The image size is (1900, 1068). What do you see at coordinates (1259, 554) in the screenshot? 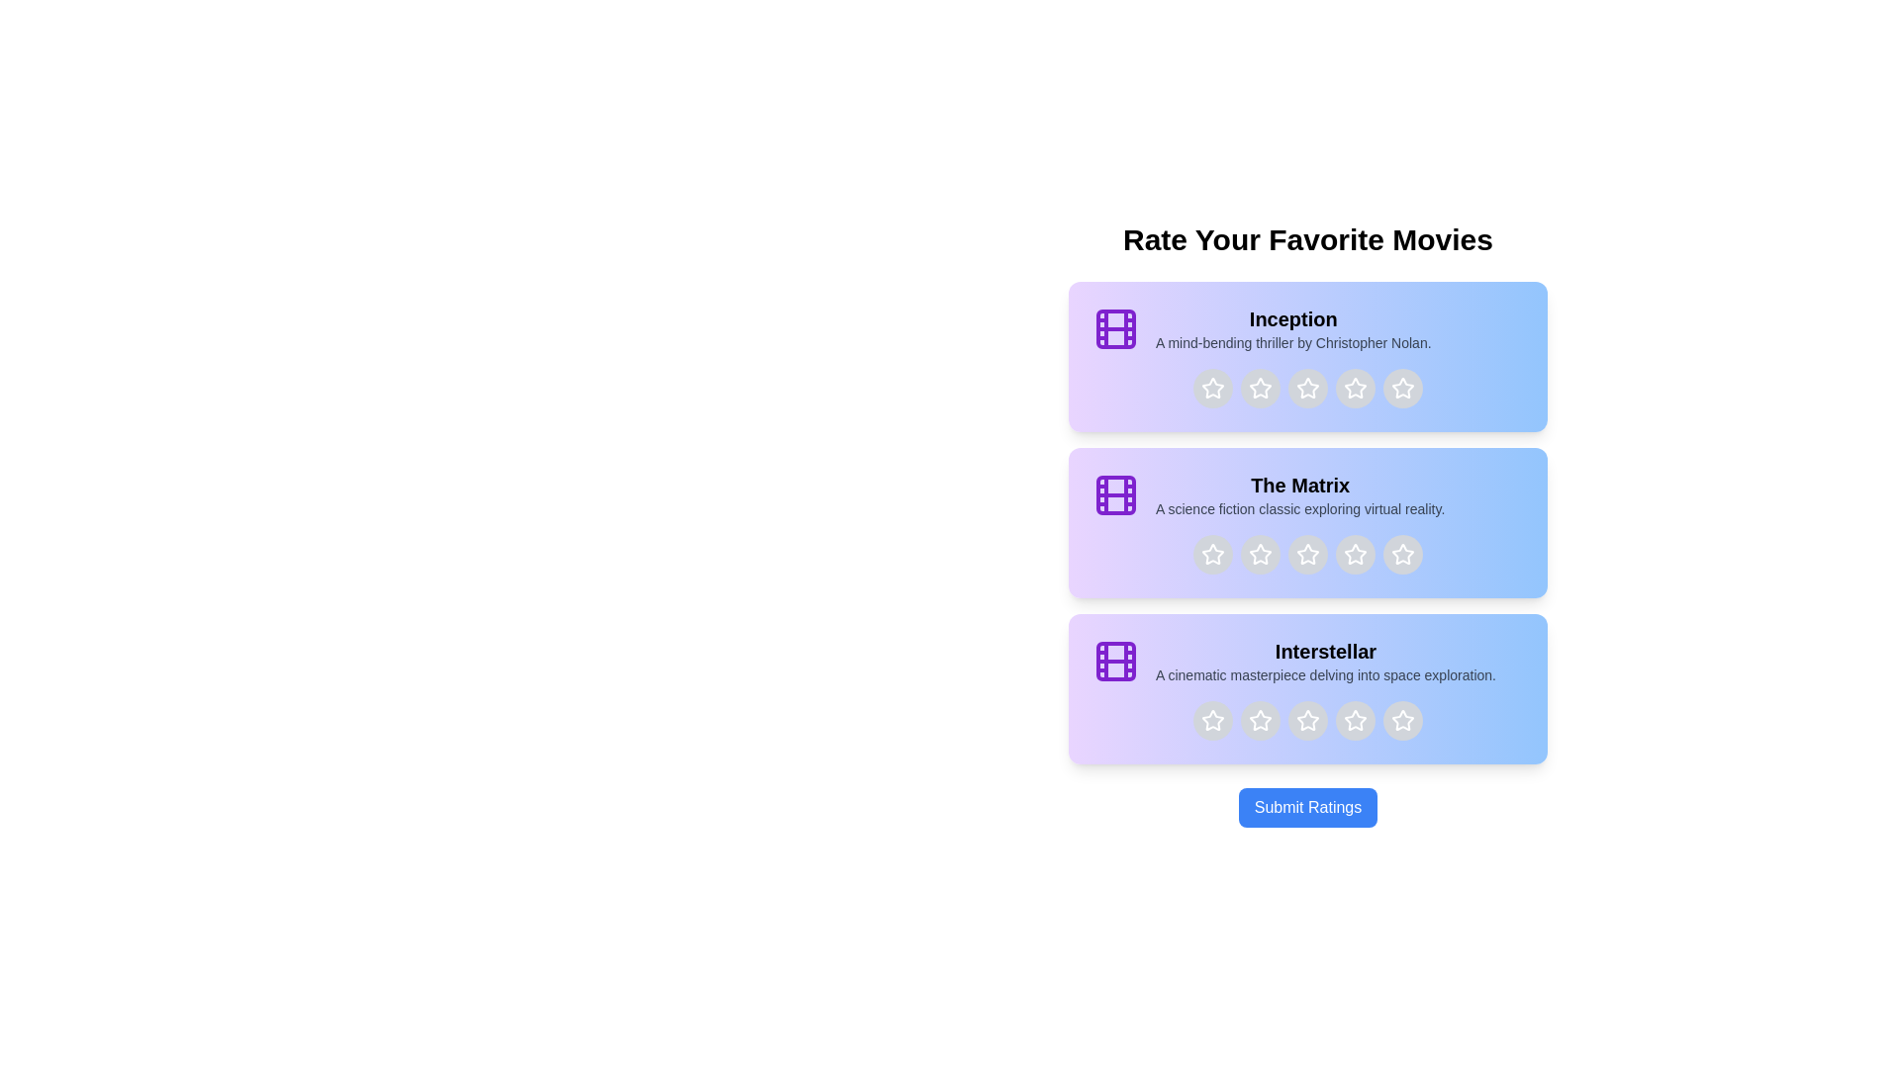
I see `the star corresponding to 2 stars for the movie titled The Matrix` at bounding box center [1259, 554].